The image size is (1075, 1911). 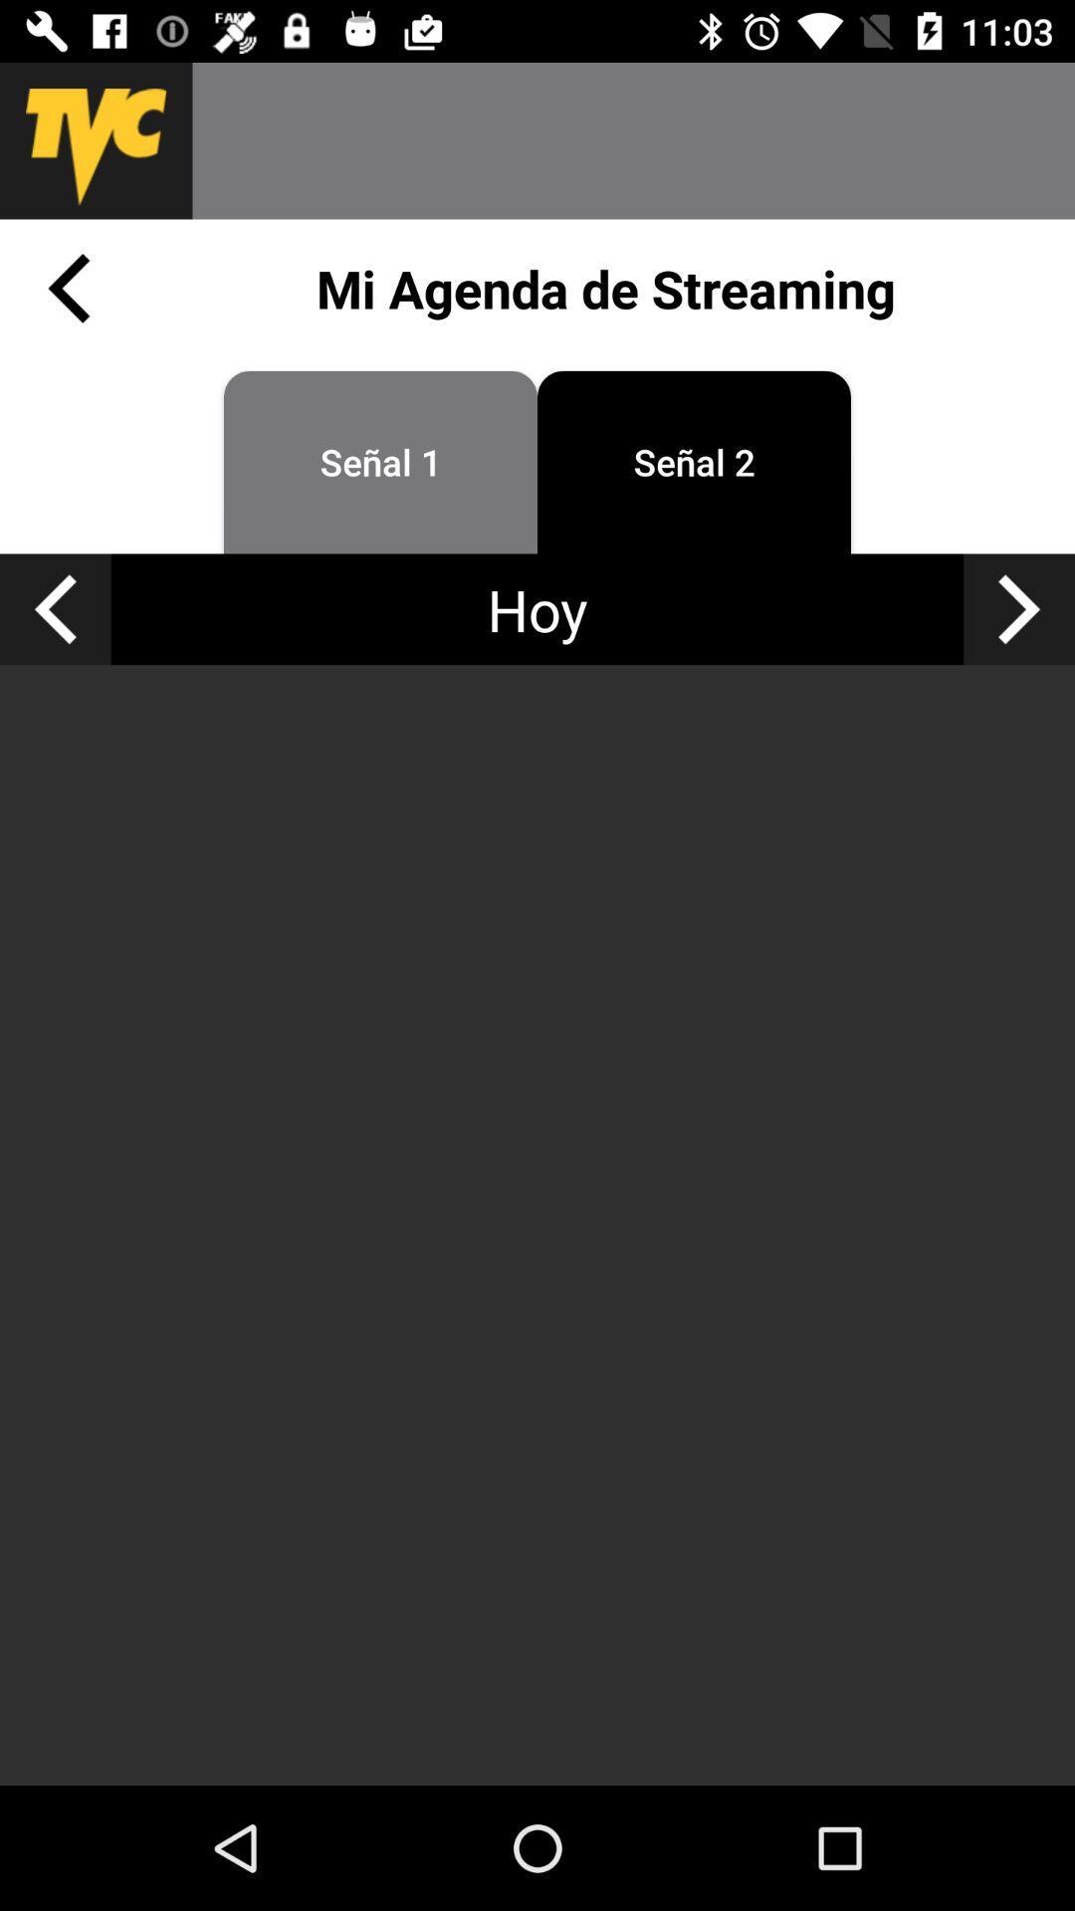 I want to click on item at the top right corner, so click(x=1019, y=608).